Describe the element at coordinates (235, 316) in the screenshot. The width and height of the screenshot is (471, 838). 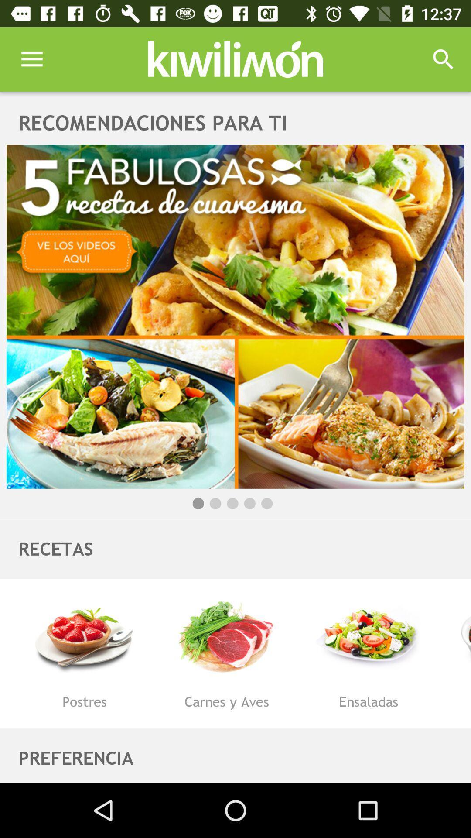
I see `recipes` at that location.